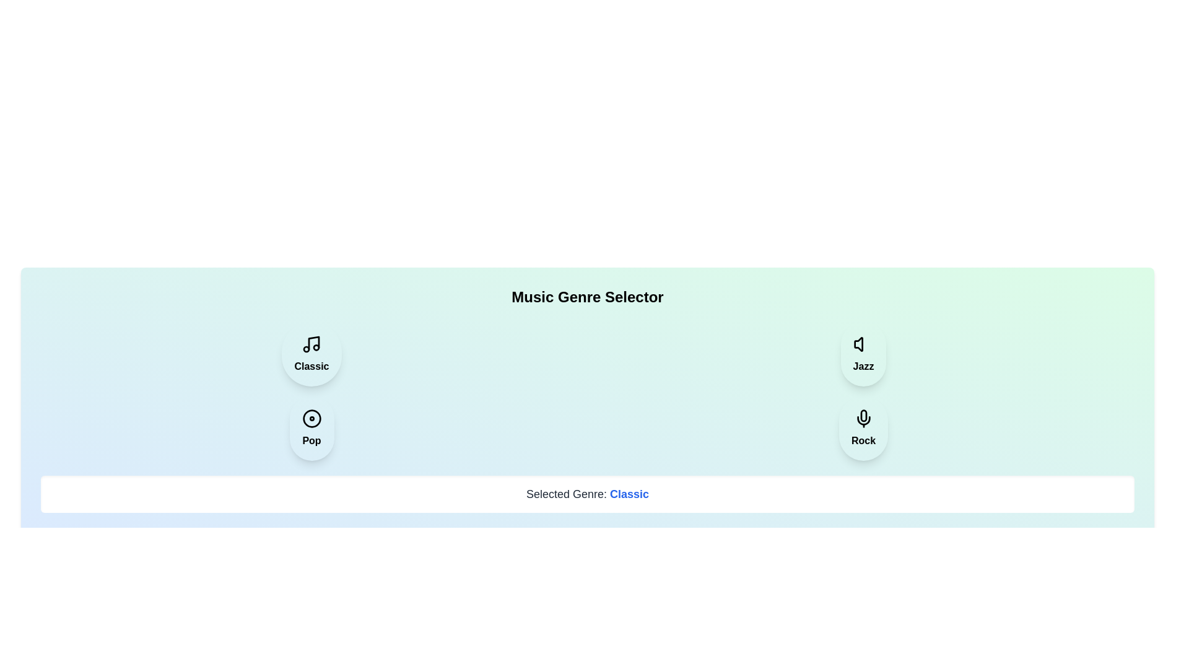 The height and width of the screenshot is (669, 1189). Describe the element at coordinates (862, 427) in the screenshot. I see `the music genre Rock by clicking its button` at that location.